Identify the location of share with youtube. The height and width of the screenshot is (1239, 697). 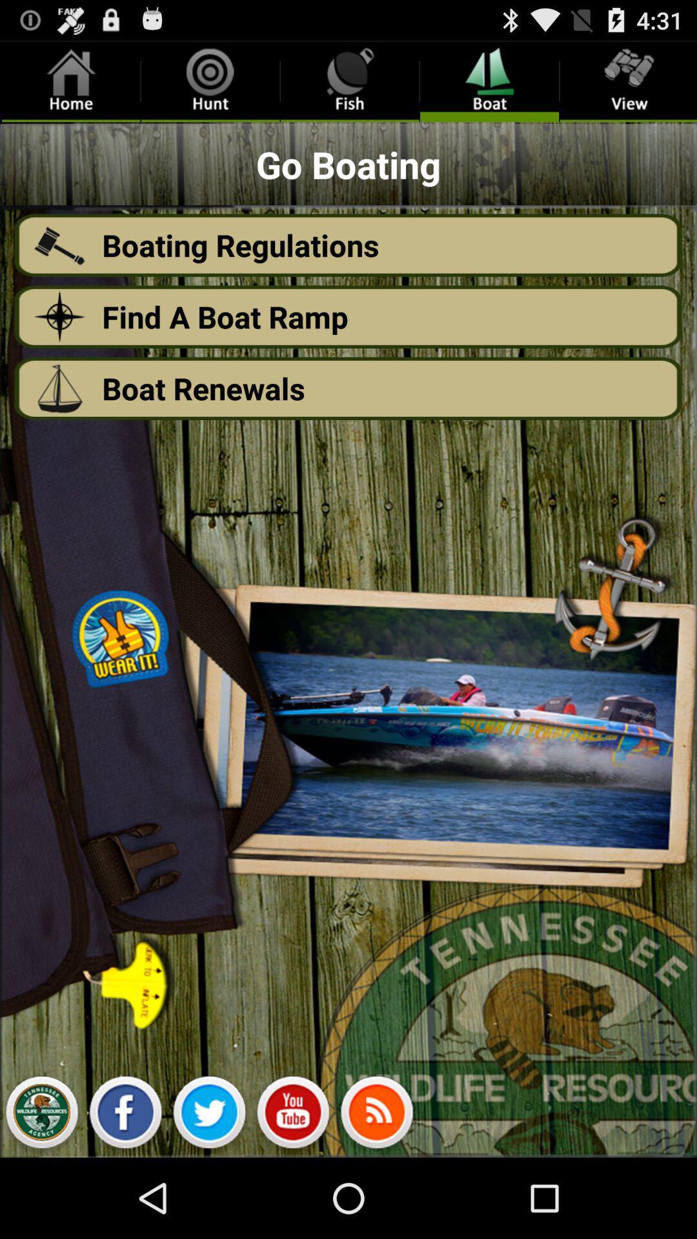
(293, 1115).